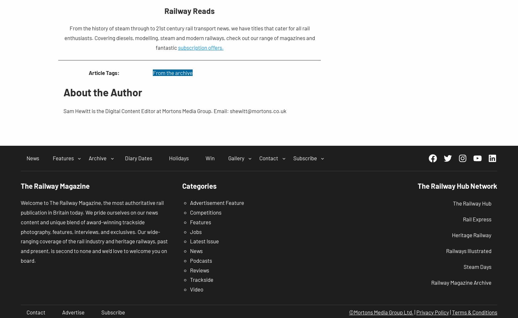  What do you see at coordinates (94, 231) in the screenshot?
I see `'Welcome to The Railway Magazine, the most authoritative rail publication in Britain today. We pride ourselves on our news content and unique blend of award-winning trackside photography, features, interviews, and exclusives. Our wide-ranging coverage of the rail industry and heritage railways, past and present, is second to none and we’d love to welcome you on board.'` at bounding box center [94, 231].